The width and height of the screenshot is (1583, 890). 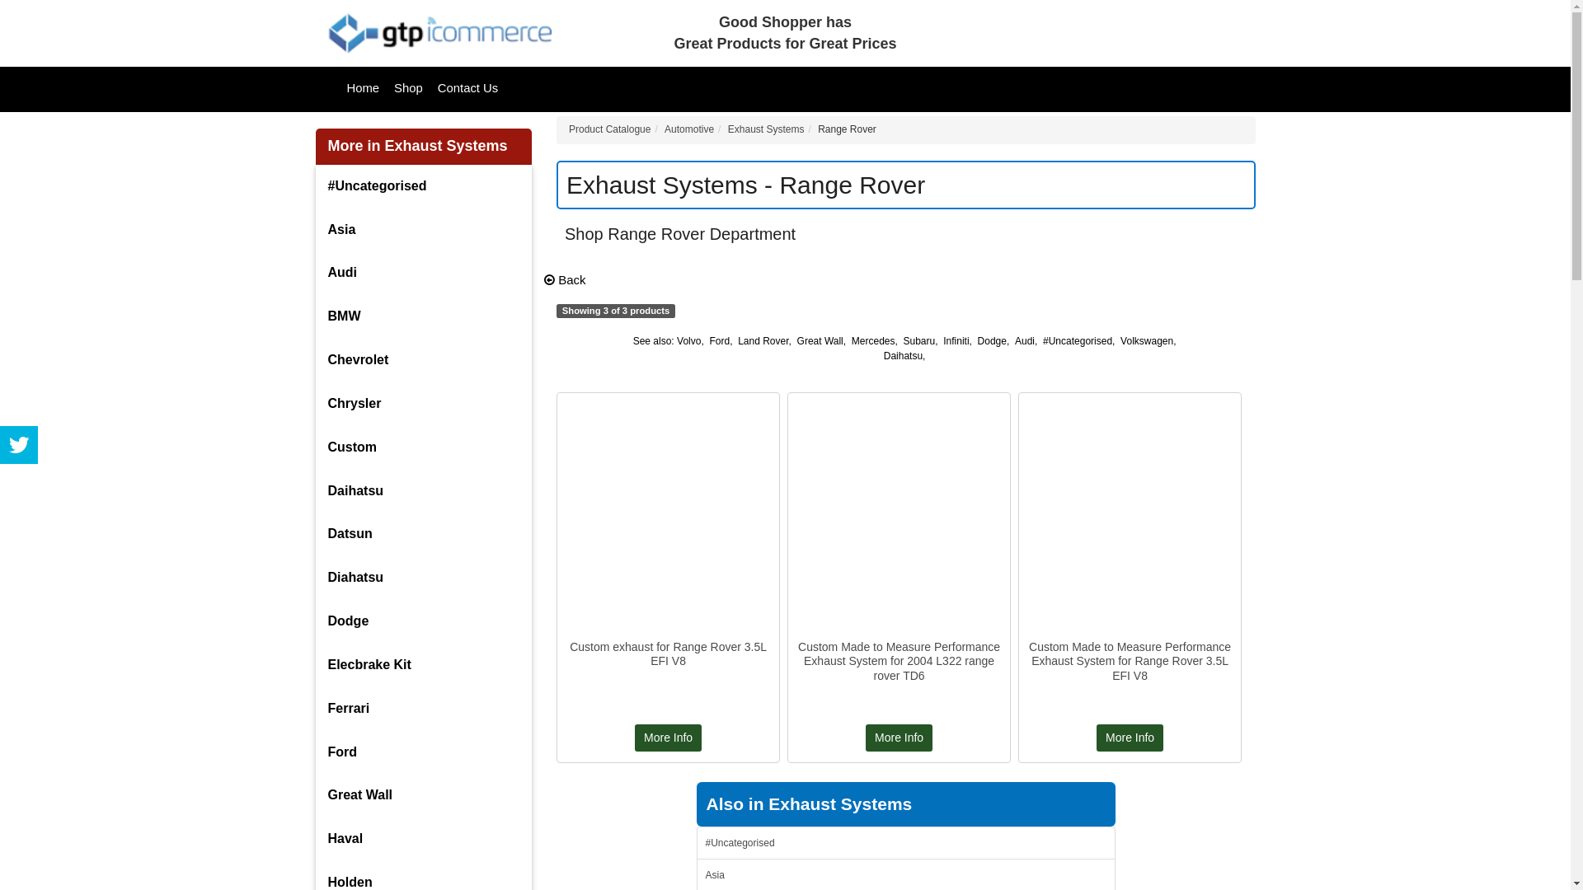 I want to click on 'Product Catalogue', so click(x=608, y=129).